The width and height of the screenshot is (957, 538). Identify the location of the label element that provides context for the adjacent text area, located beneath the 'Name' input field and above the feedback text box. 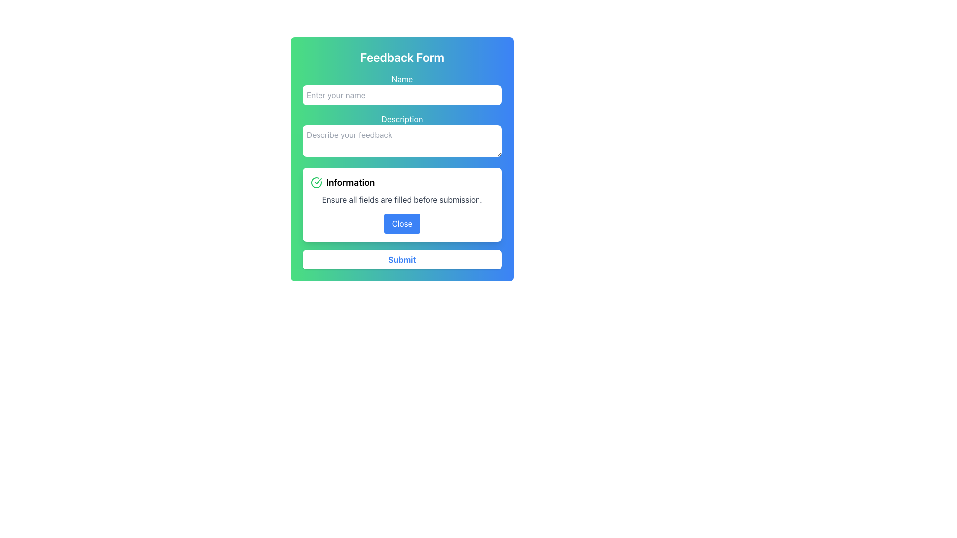
(402, 119).